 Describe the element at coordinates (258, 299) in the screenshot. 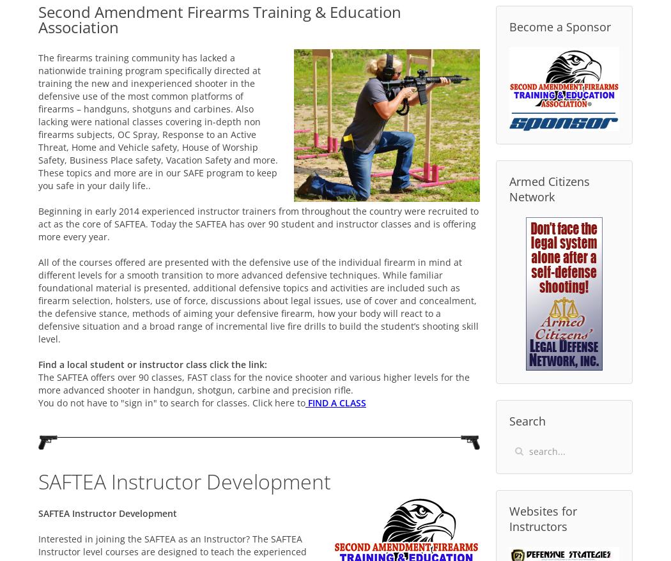

I see `'All of the courses offered are presented with the defensive use of the individual firearm in mind at different levels for a smooth transition to more advanced defensive techniques. While familiar foundational material is presented, additional defensive topics and activities are included such as firearm selection, holsters, use of force, discussions about legal issues, use of cover and concealment, the defensive stance, methods of aiming your defensive firearm, how your body will react to a defensive situation and a broad range of incremental live fire drills to build the student’s shooting skill level.'` at that location.